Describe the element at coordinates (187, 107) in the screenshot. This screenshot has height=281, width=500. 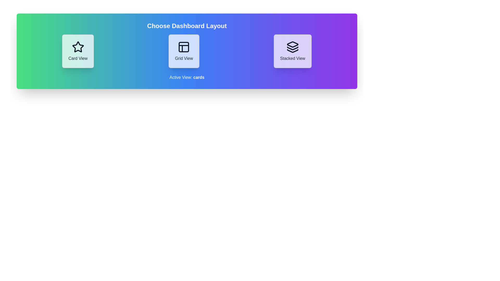
I see `the background area of the component` at that location.